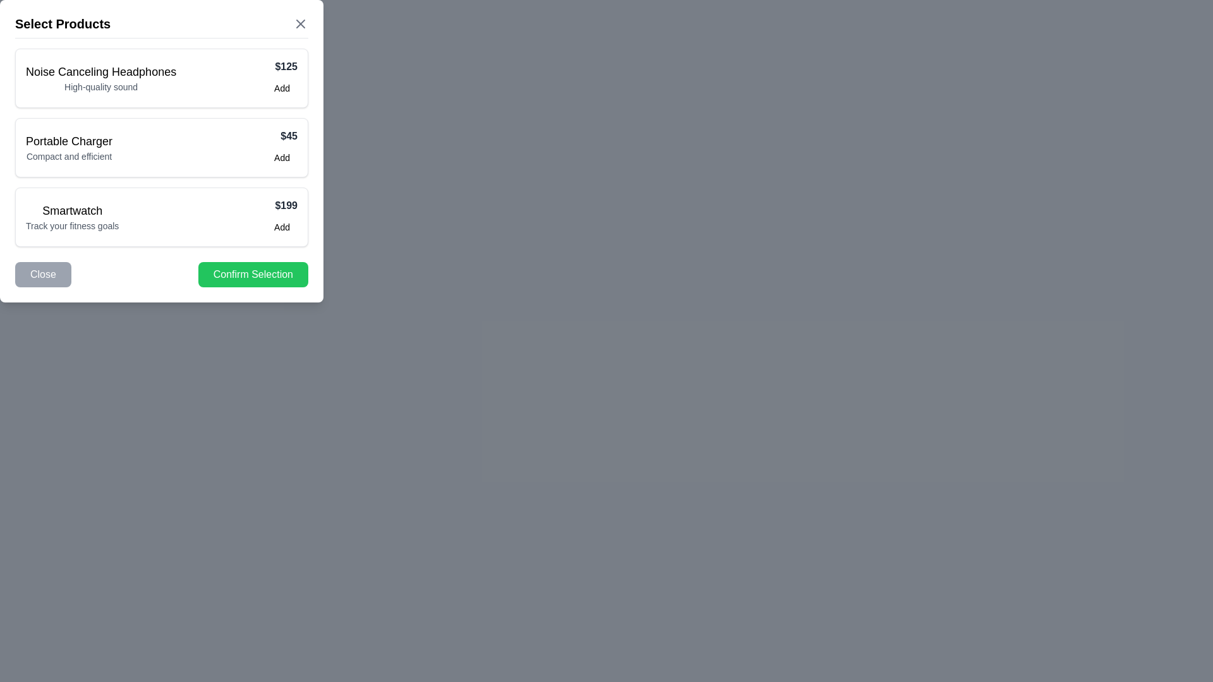 The image size is (1213, 682). Describe the element at coordinates (281, 226) in the screenshot. I see `the 'Add Smartwatch' button located in the lower-right corner of the product card` at that location.